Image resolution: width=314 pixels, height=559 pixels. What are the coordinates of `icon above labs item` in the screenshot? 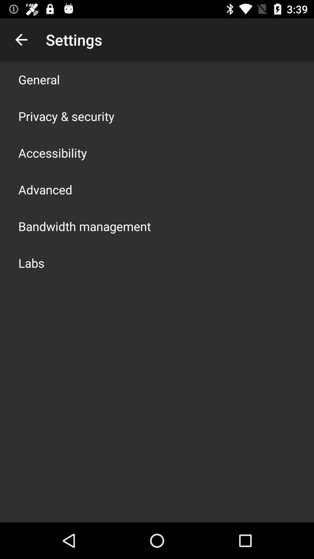 It's located at (84, 226).